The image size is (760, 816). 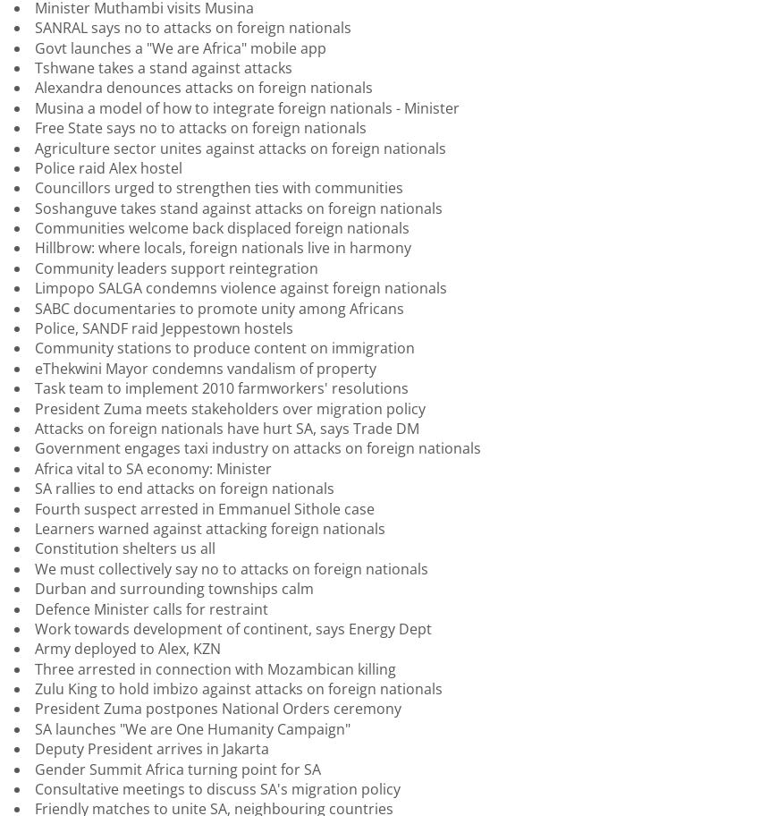 I want to click on 'Community stations to produce content on immigration', so click(x=34, y=347).